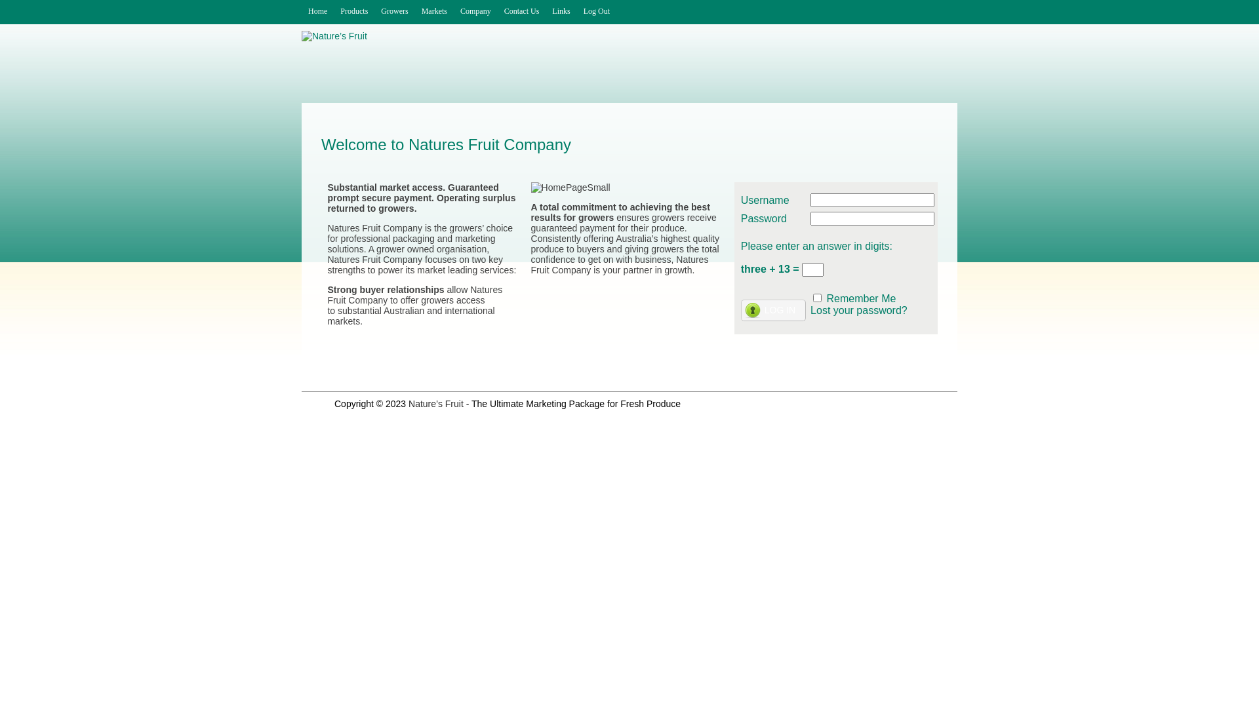  Describe the element at coordinates (596, 11) in the screenshot. I see `'Log Out'` at that location.